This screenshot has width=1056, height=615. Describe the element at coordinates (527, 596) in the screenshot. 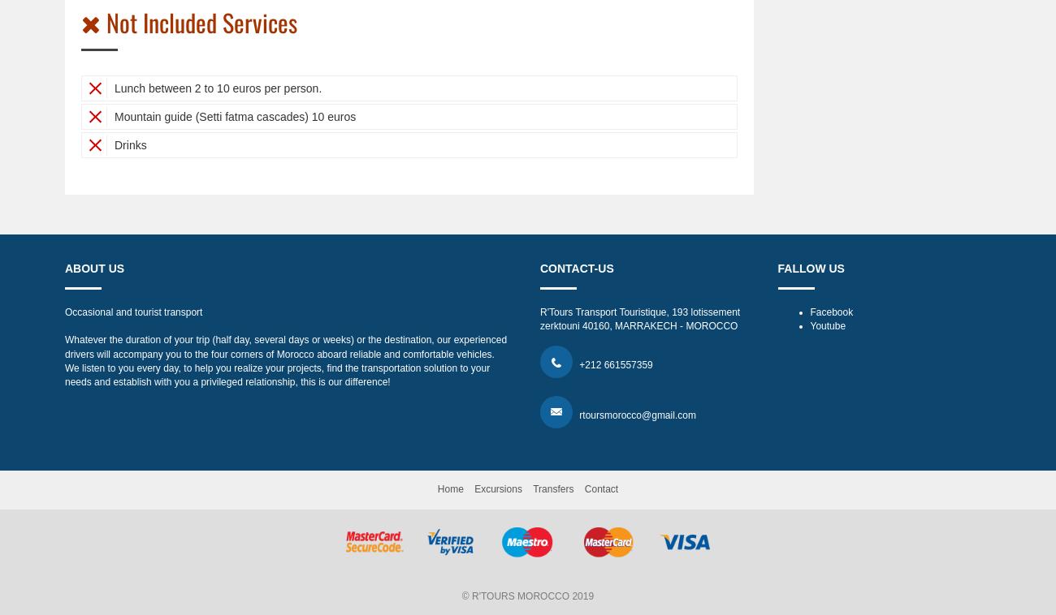

I see `'© R'TOURS MOROCCO 2019'` at that location.